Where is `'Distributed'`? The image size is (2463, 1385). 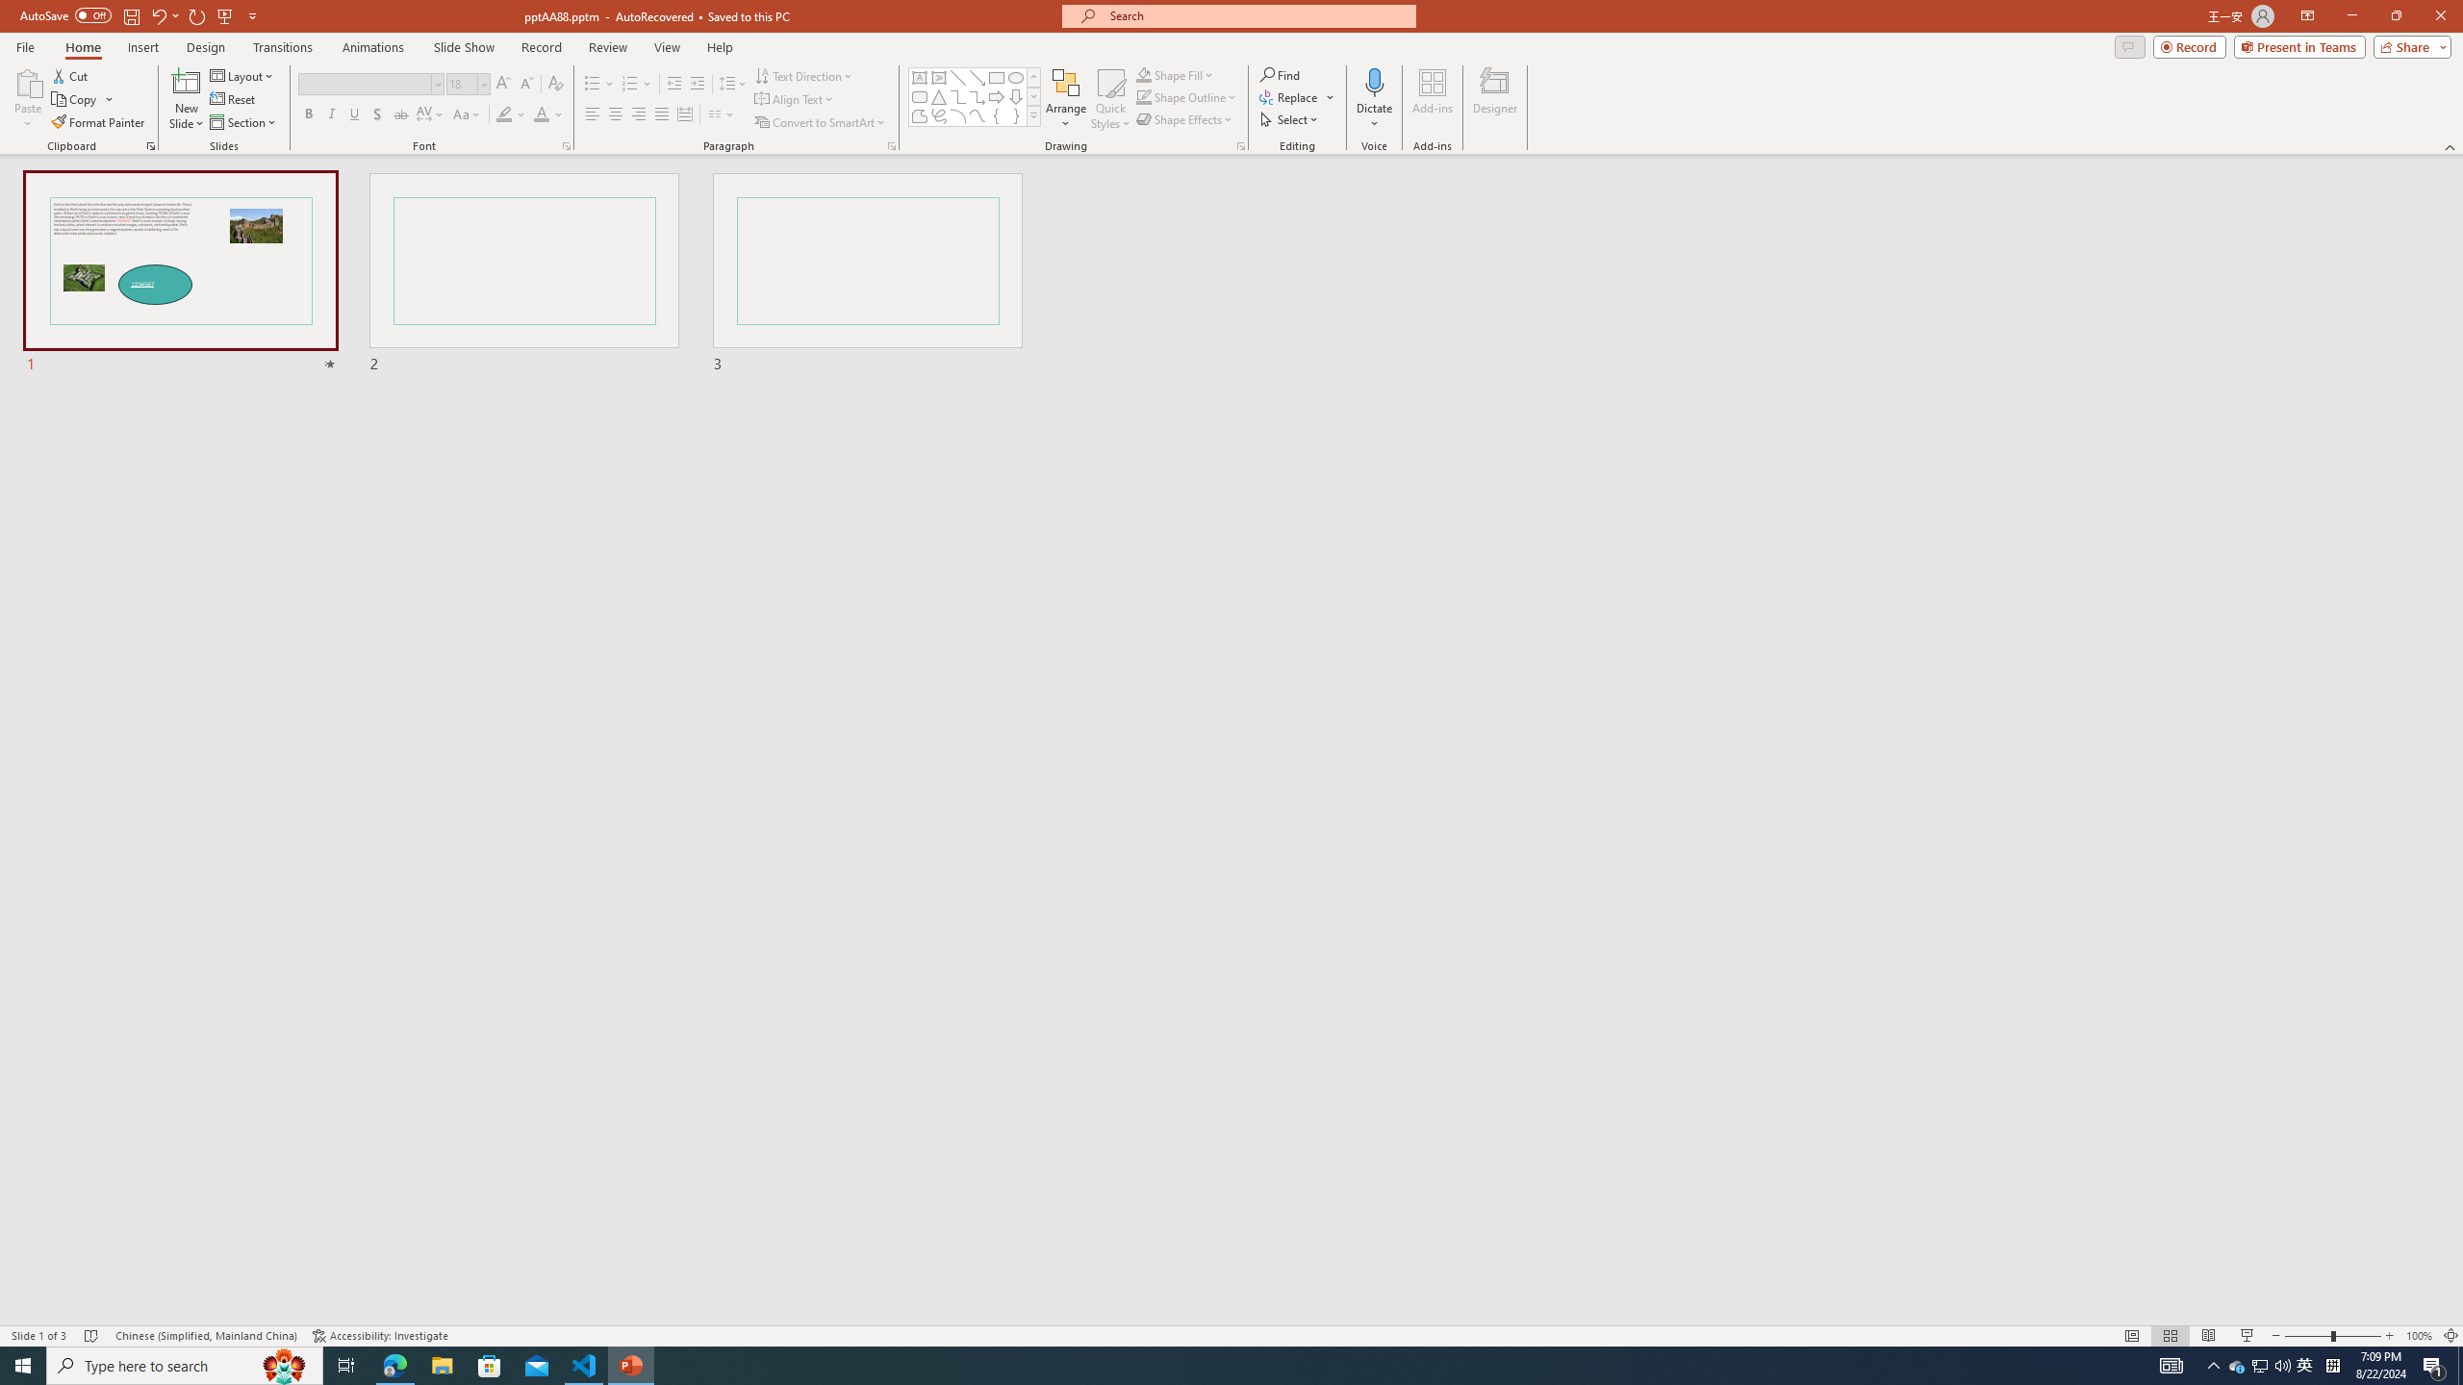 'Distributed' is located at coordinates (683, 113).